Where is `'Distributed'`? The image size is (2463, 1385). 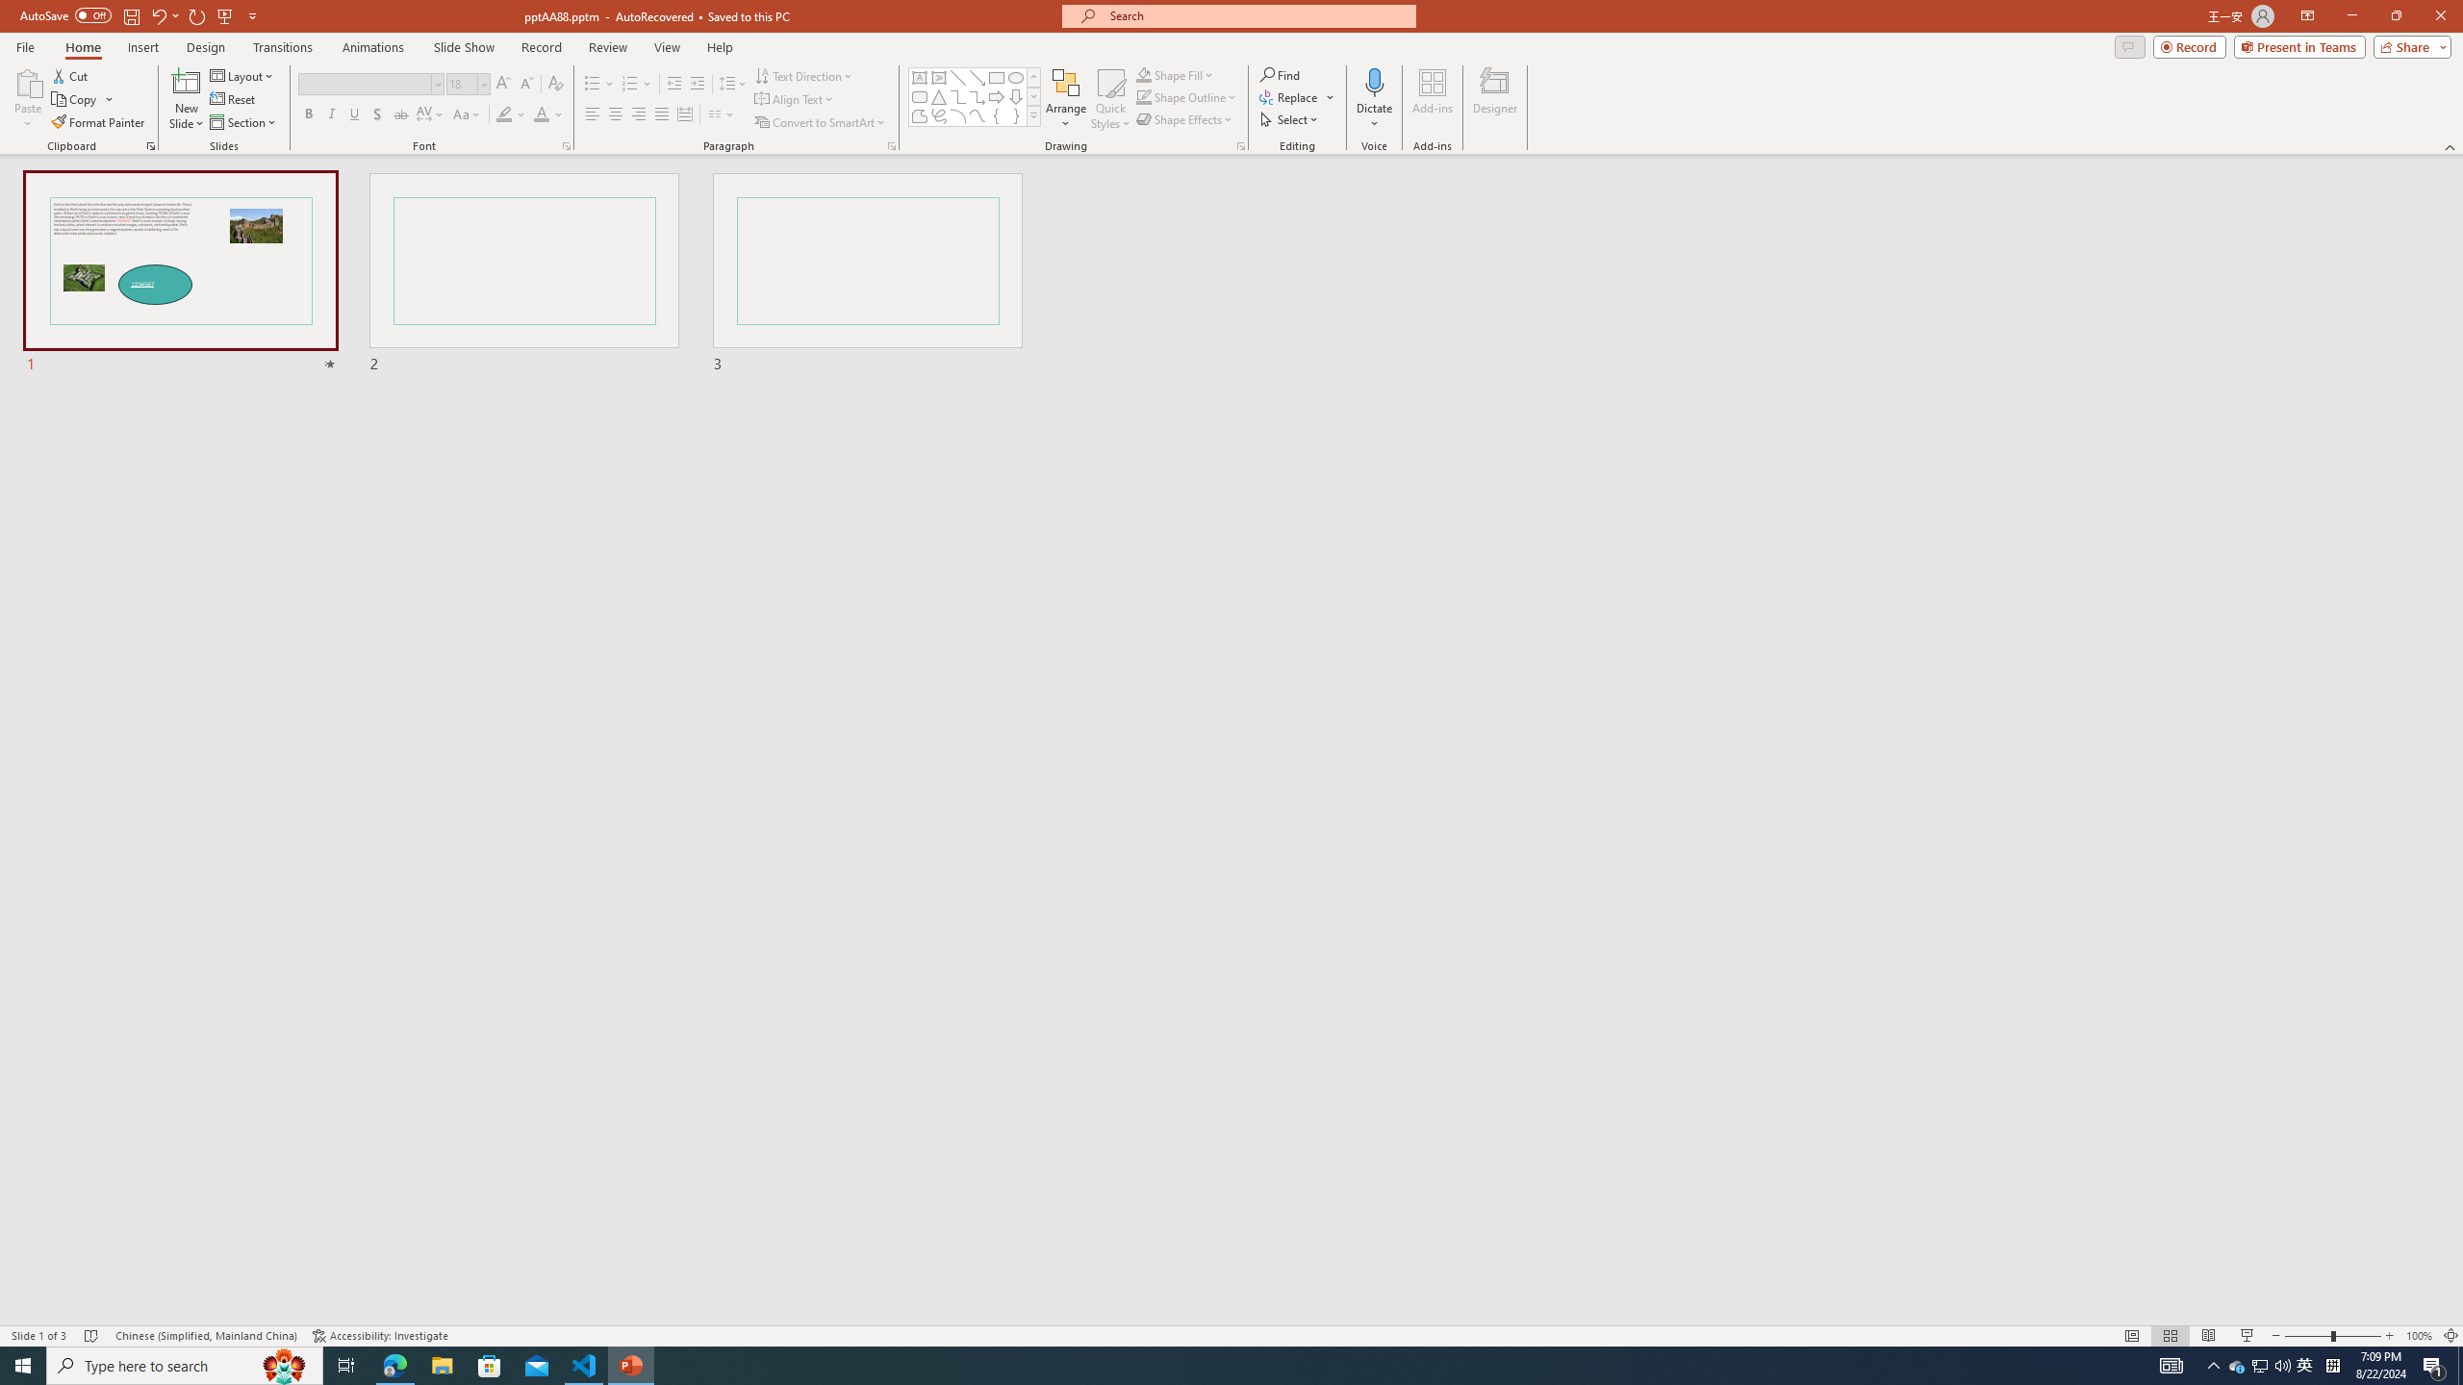 'Distributed' is located at coordinates (683, 113).